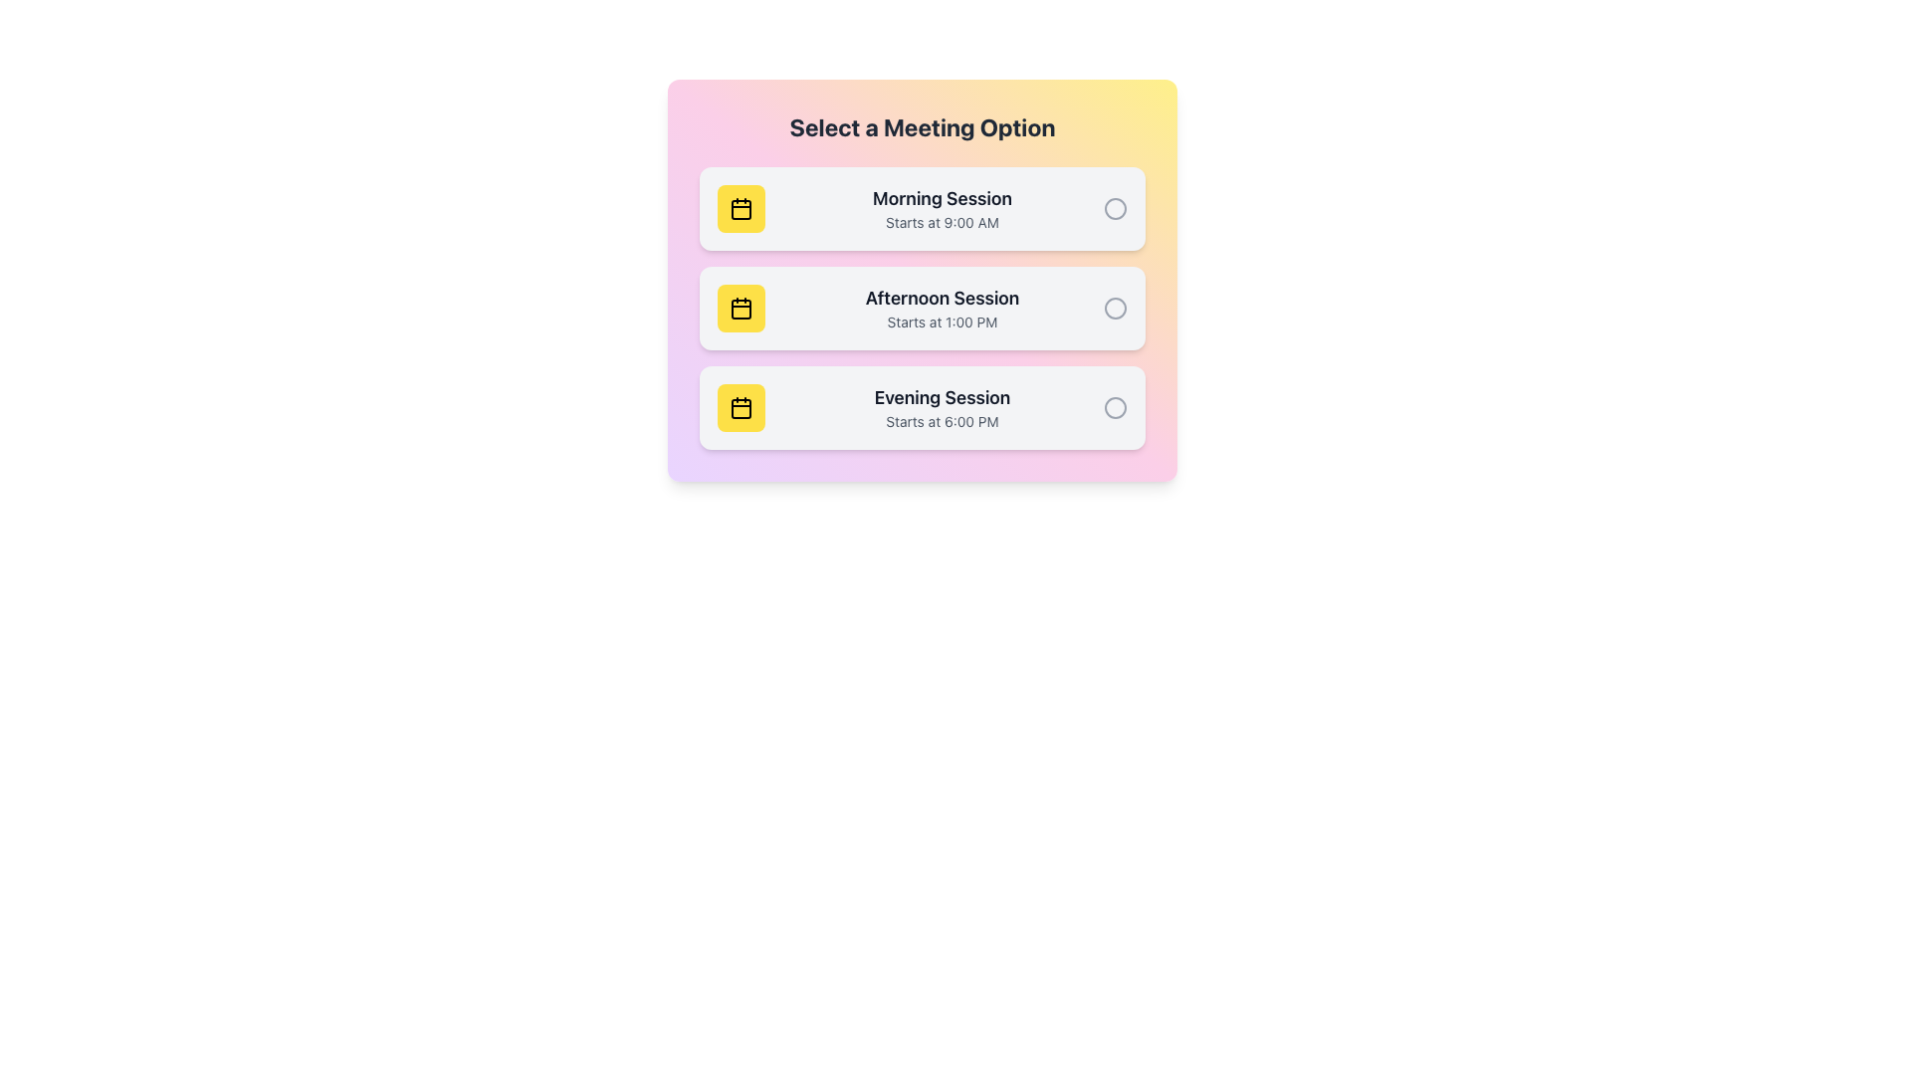 Image resolution: width=1911 pixels, height=1075 pixels. Describe the element at coordinates (941, 208) in the screenshot. I see `the text label displaying 'Morning Session' and 'Starts at 9:00 AM' to associate with the session information` at that location.